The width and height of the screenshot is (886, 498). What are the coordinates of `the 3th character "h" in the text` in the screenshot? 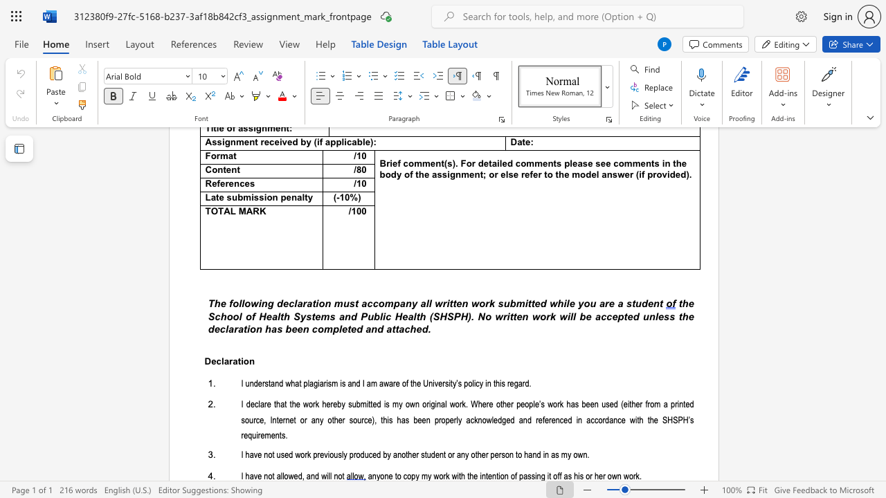 It's located at (422, 316).